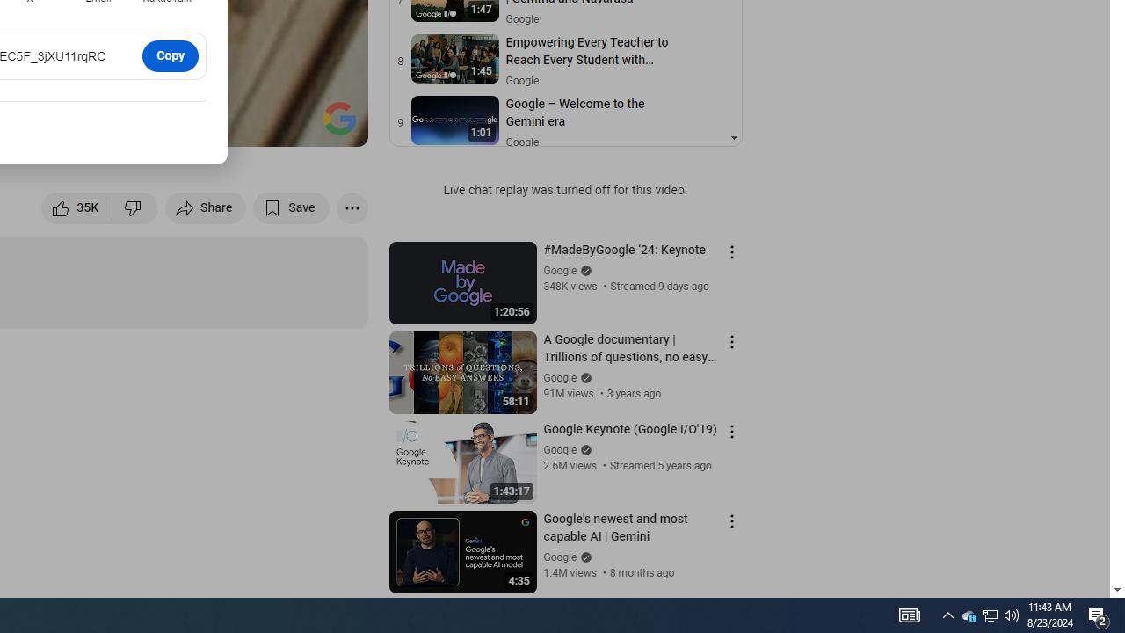 This screenshot has width=1125, height=633. What do you see at coordinates (339, 119) in the screenshot?
I see `'Channel watermark'` at bounding box center [339, 119].